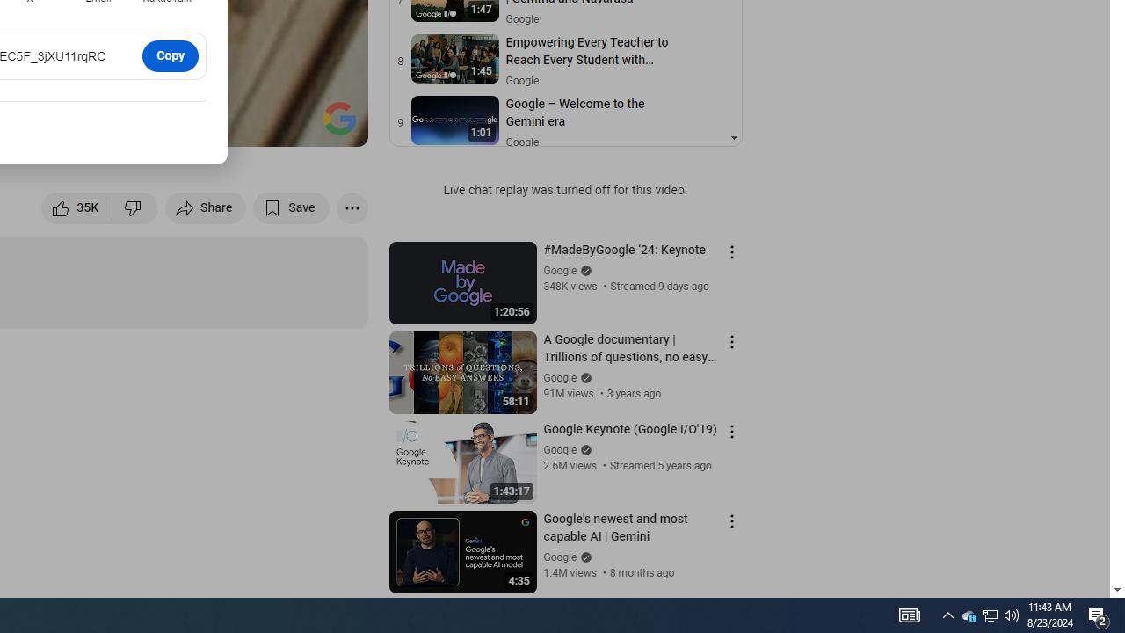 This screenshot has width=1125, height=633. What do you see at coordinates (339, 119) in the screenshot?
I see `'Channel watermark'` at bounding box center [339, 119].